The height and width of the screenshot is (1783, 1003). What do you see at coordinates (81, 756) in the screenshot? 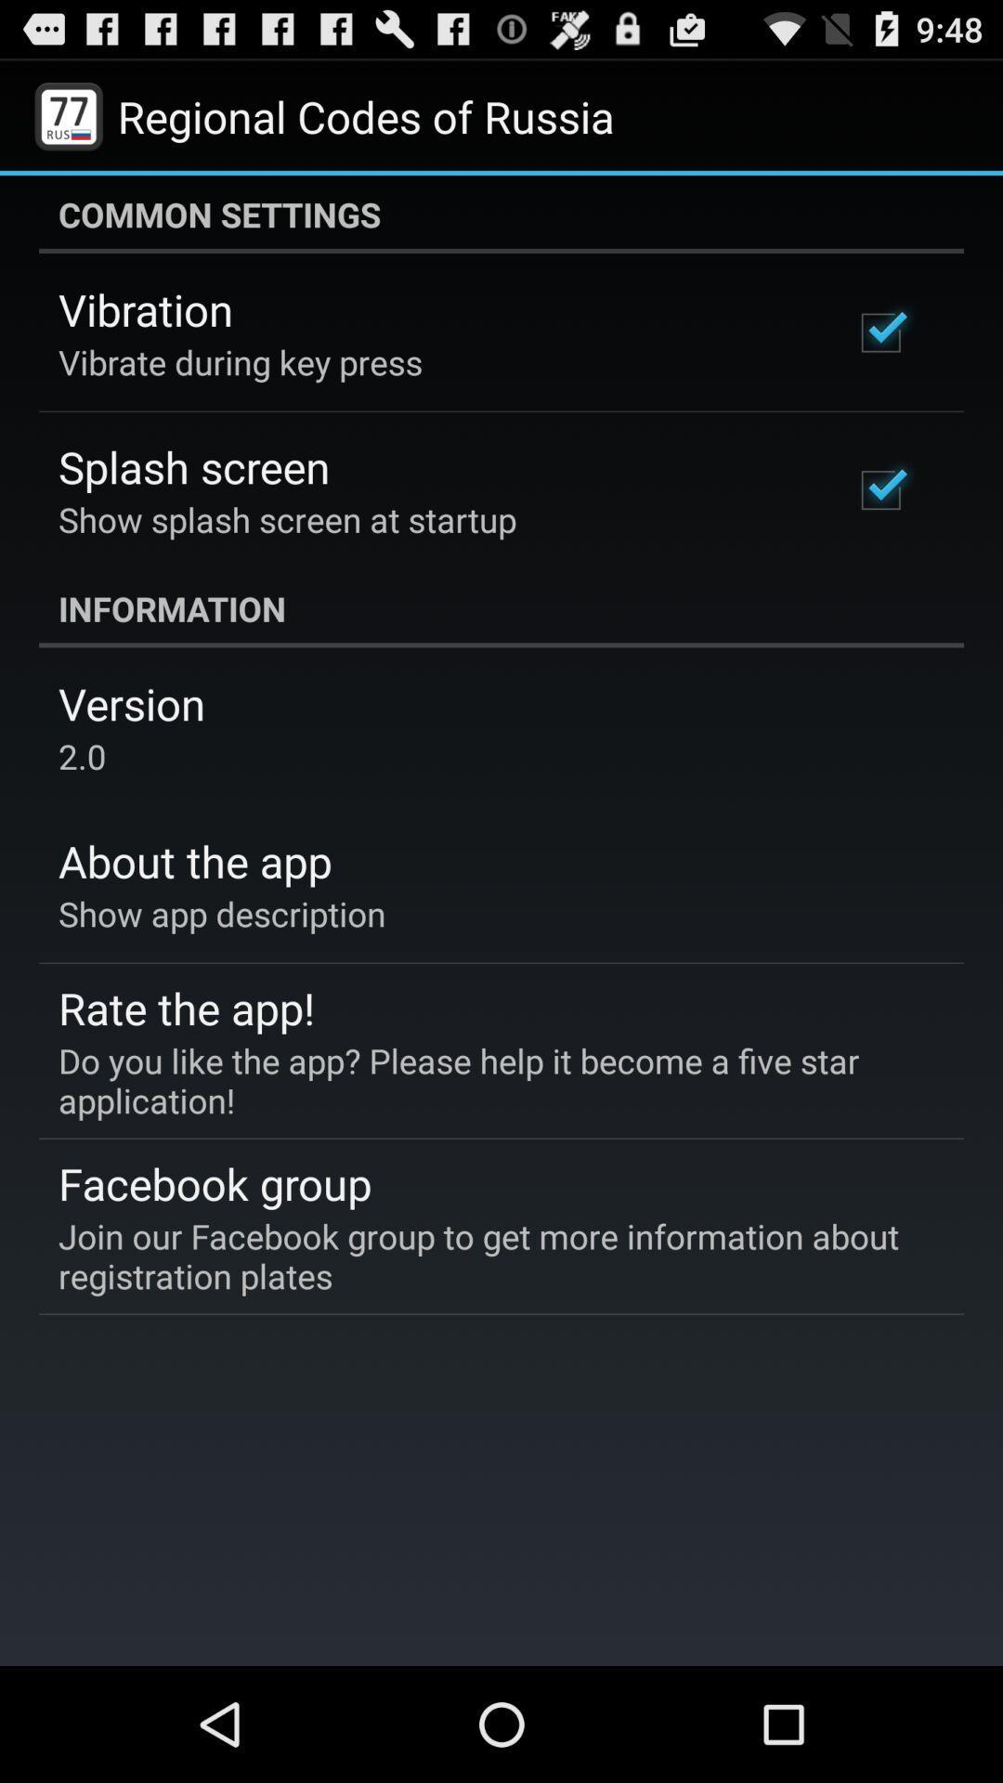
I see `2.0 icon` at bounding box center [81, 756].